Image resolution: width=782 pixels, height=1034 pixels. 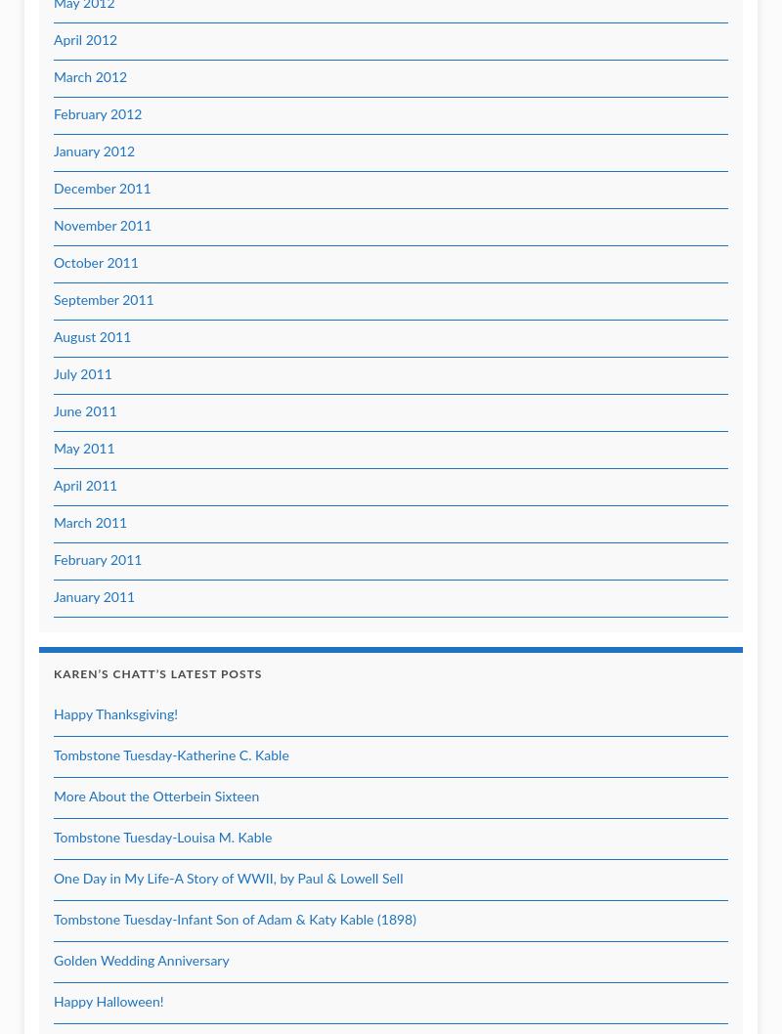 I want to click on 'April 2012', so click(x=85, y=41).